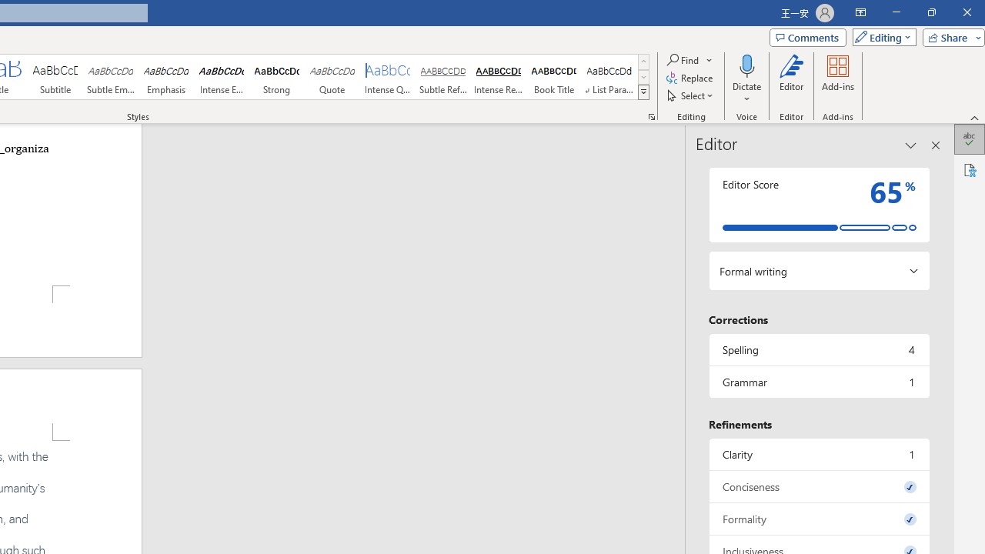  What do you see at coordinates (969, 170) in the screenshot?
I see `'Accessibility'` at bounding box center [969, 170].